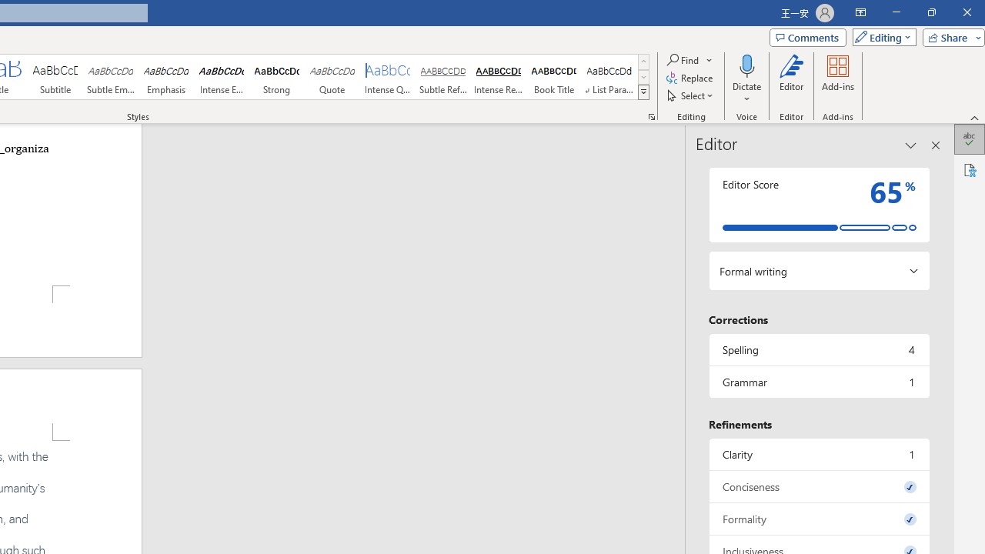  What do you see at coordinates (969, 170) in the screenshot?
I see `'Accessibility'` at bounding box center [969, 170].